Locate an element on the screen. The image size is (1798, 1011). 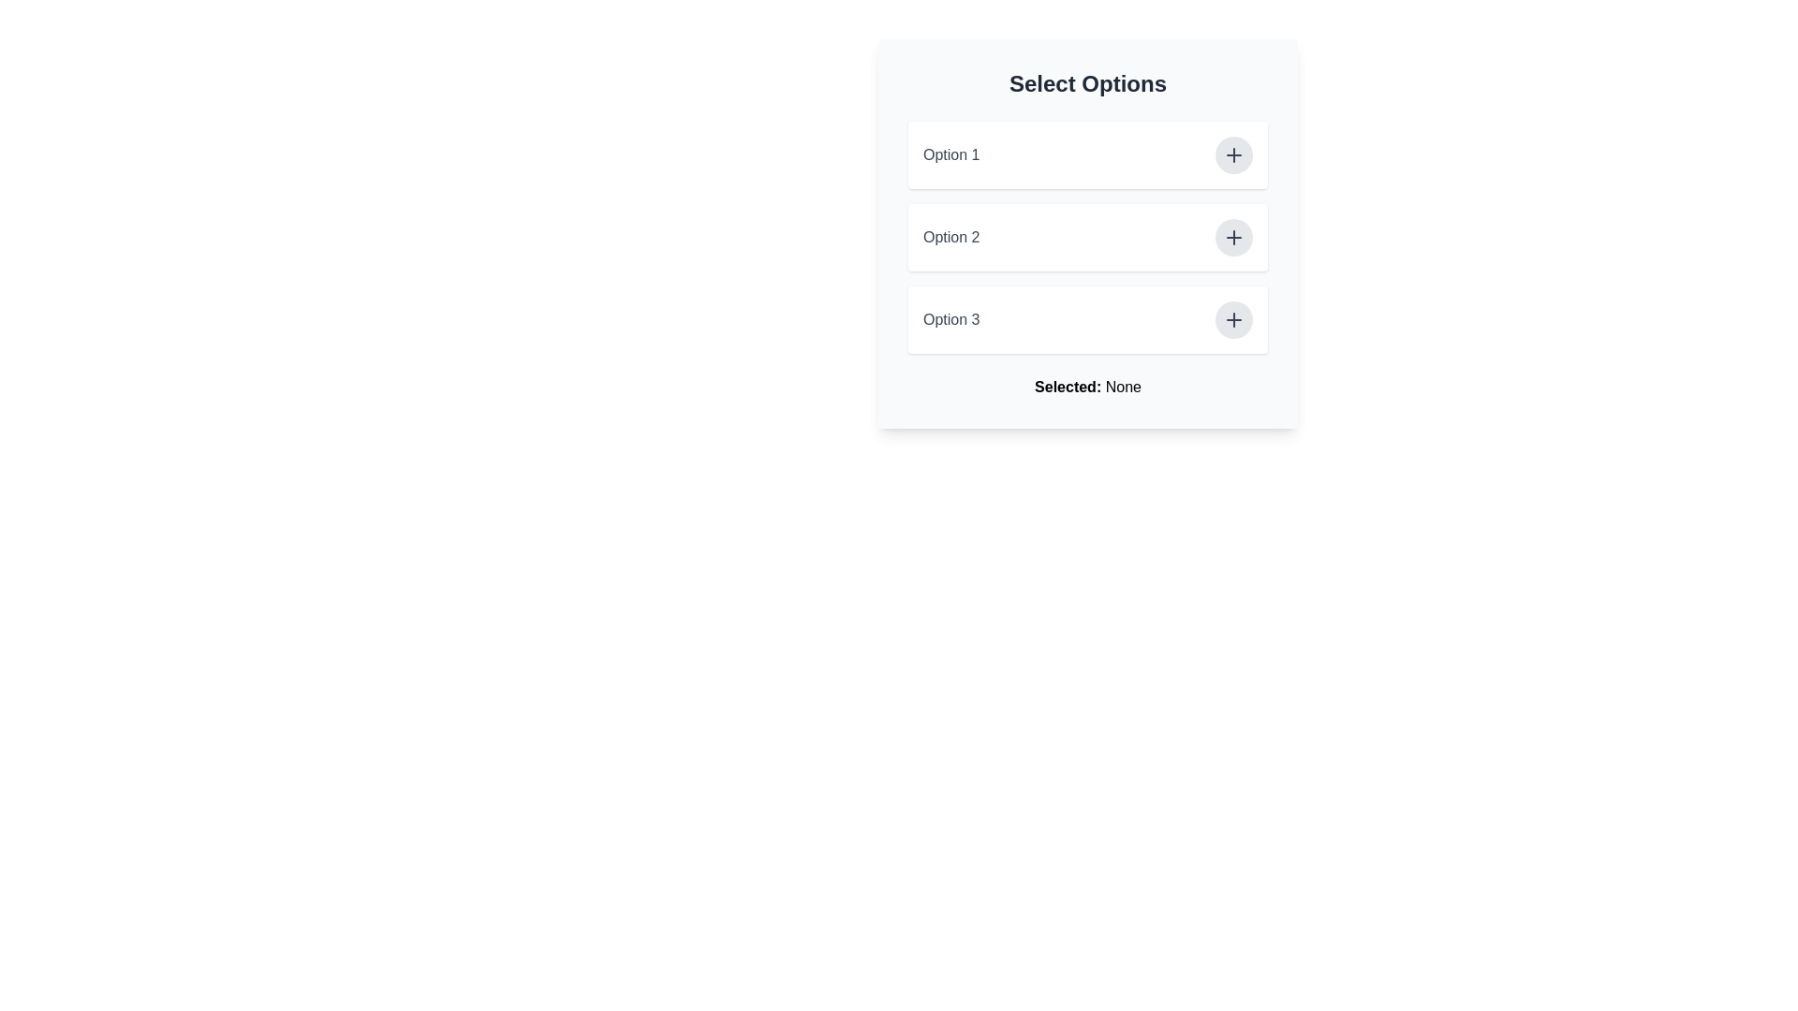
the SVG icon representing a 'plus' symbol, located in the middle of the button aligned to the right of the second option in the 'Select Options' list is located at coordinates (1234, 237).